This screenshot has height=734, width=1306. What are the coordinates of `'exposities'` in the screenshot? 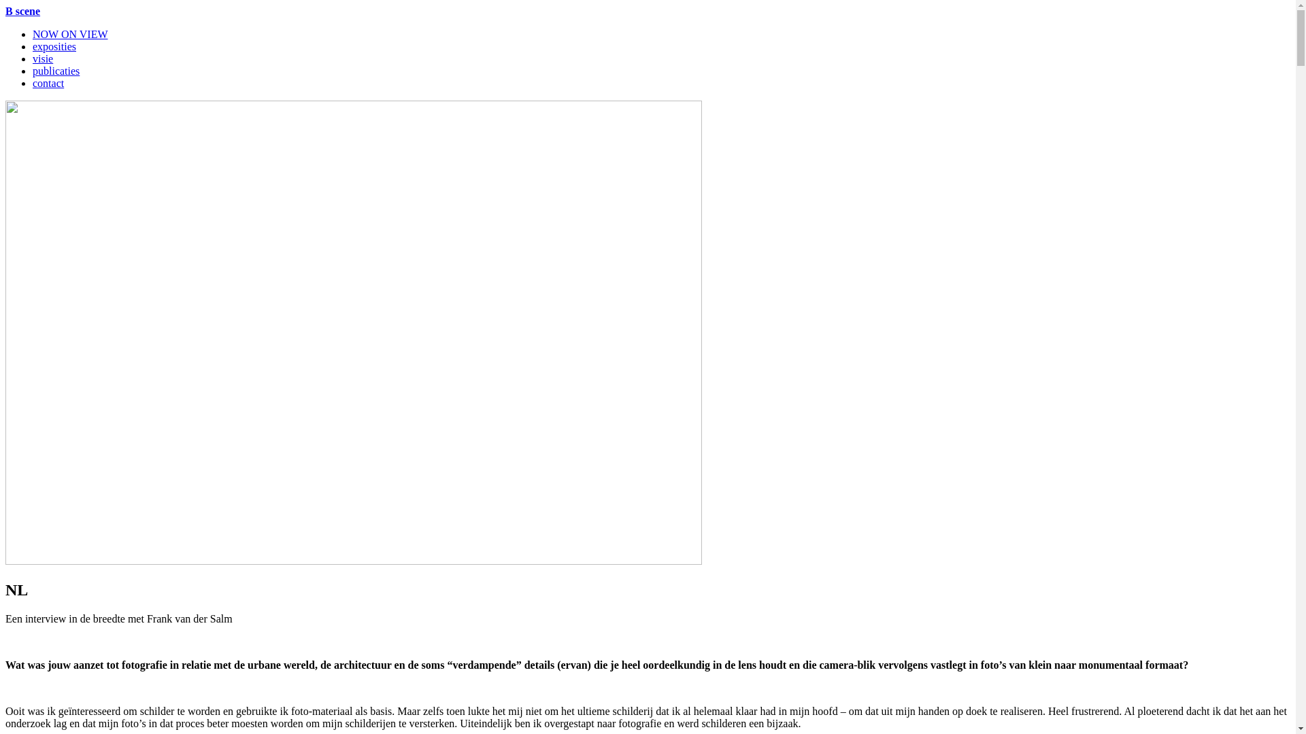 It's located at (54, 46).